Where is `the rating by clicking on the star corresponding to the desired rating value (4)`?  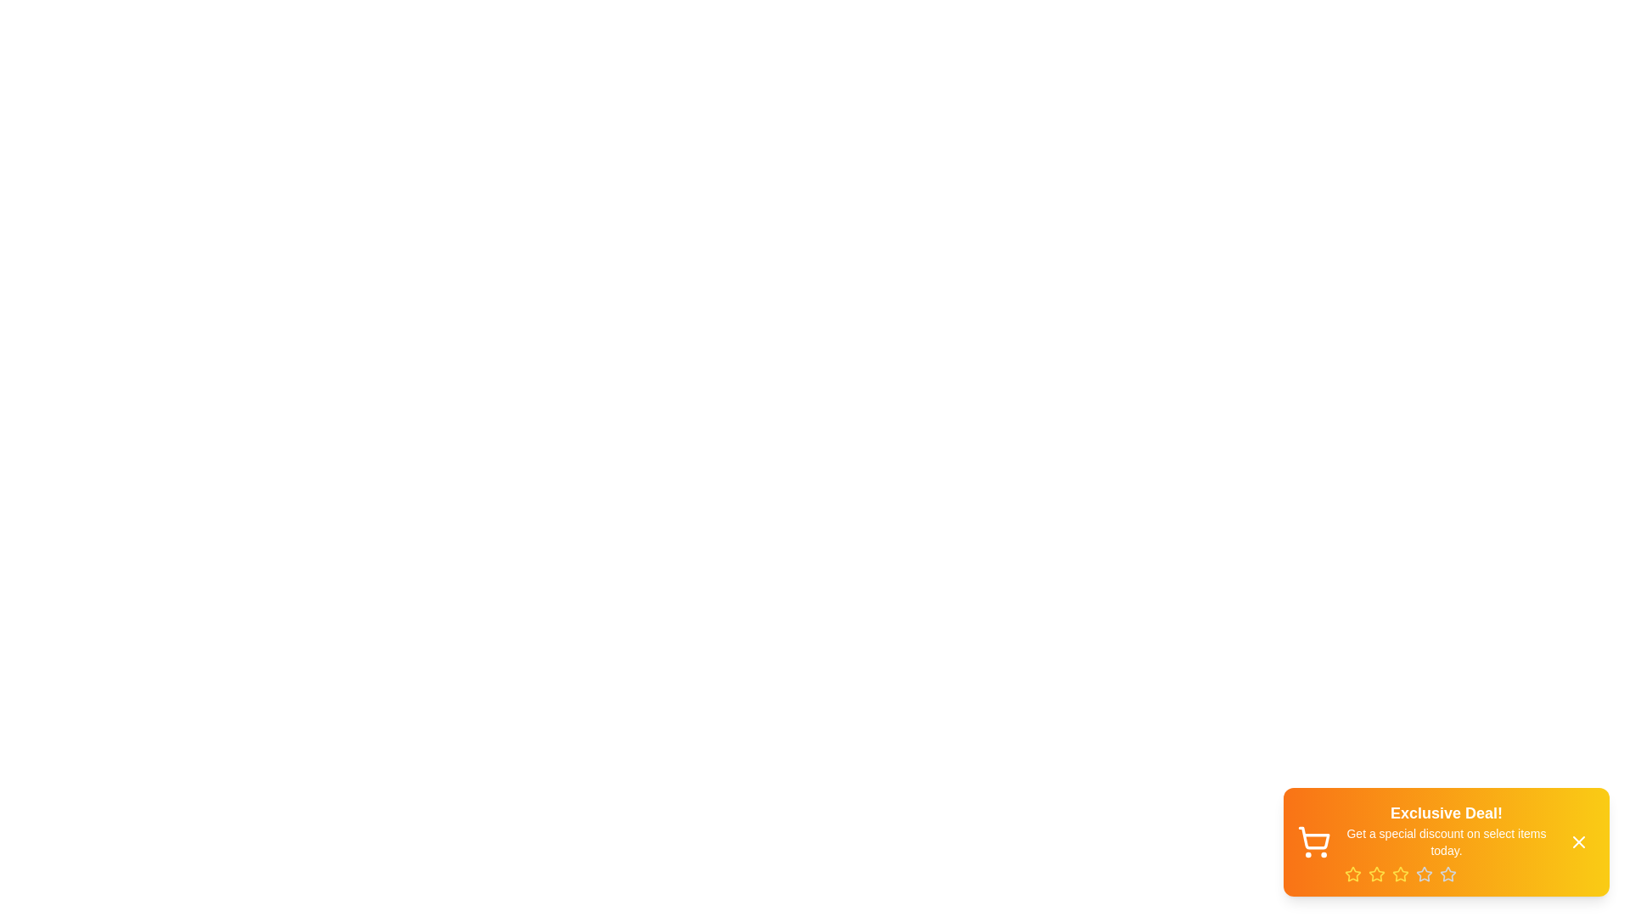
the rating by clicking on the star corresponding to the desired rating value (4) is located at coordinates (1425, 874).